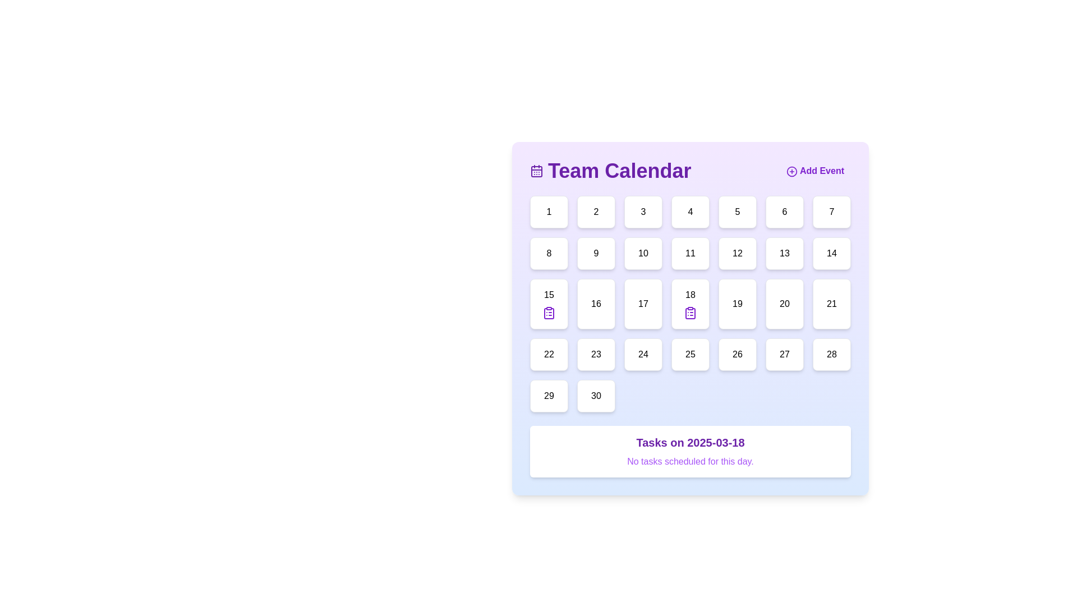 The height and width of the screenshot is (606, 1077). I want to click on the rounded rectangular button with a white background and the number '8' centered in black text to show context-specific options, so click(549, 253).